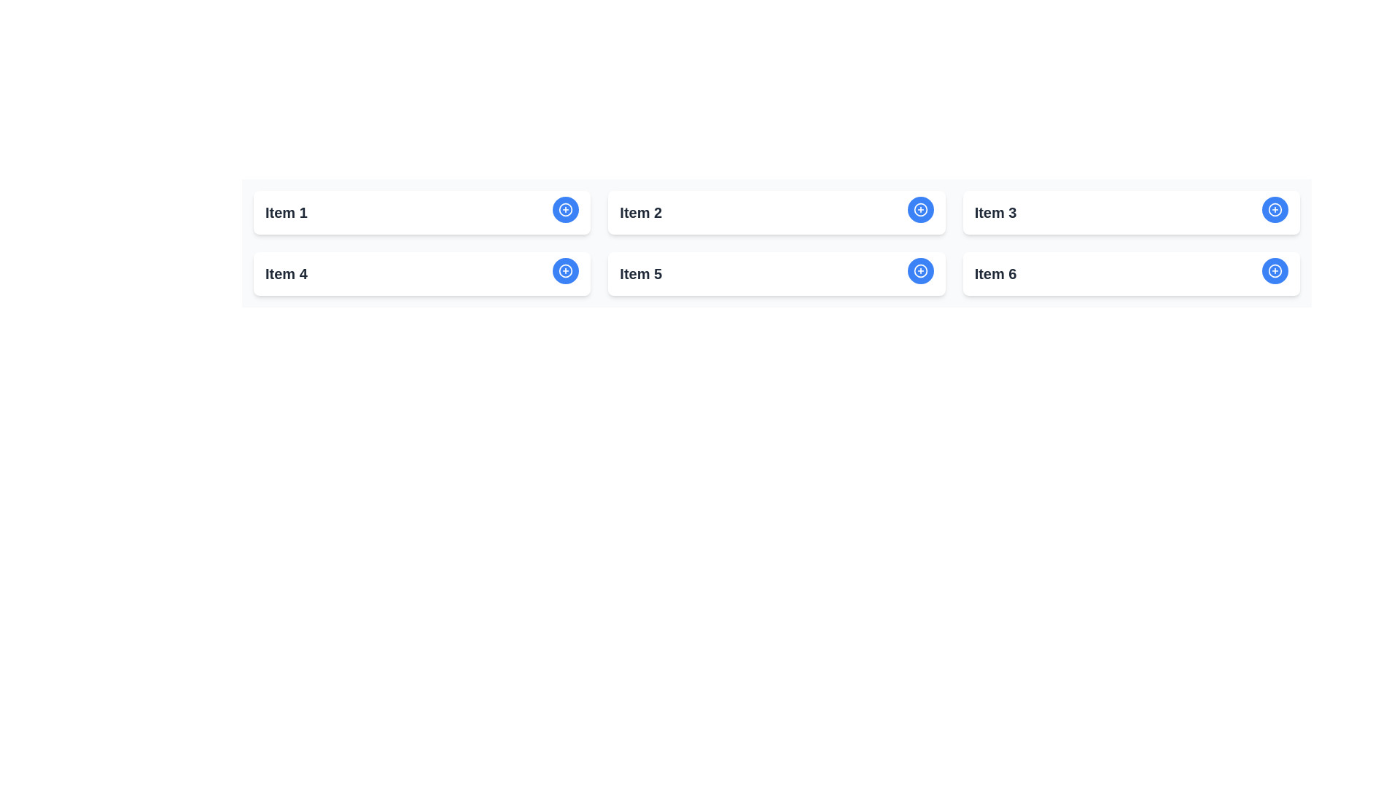  What do you see at coordinates (641, 213) in the screenshot?
I see `the static text label that serves as an identifier between 'Item 1' and 'Item 3' in the upper row of a horizontally arranged group` at bounding box center [641, 213].